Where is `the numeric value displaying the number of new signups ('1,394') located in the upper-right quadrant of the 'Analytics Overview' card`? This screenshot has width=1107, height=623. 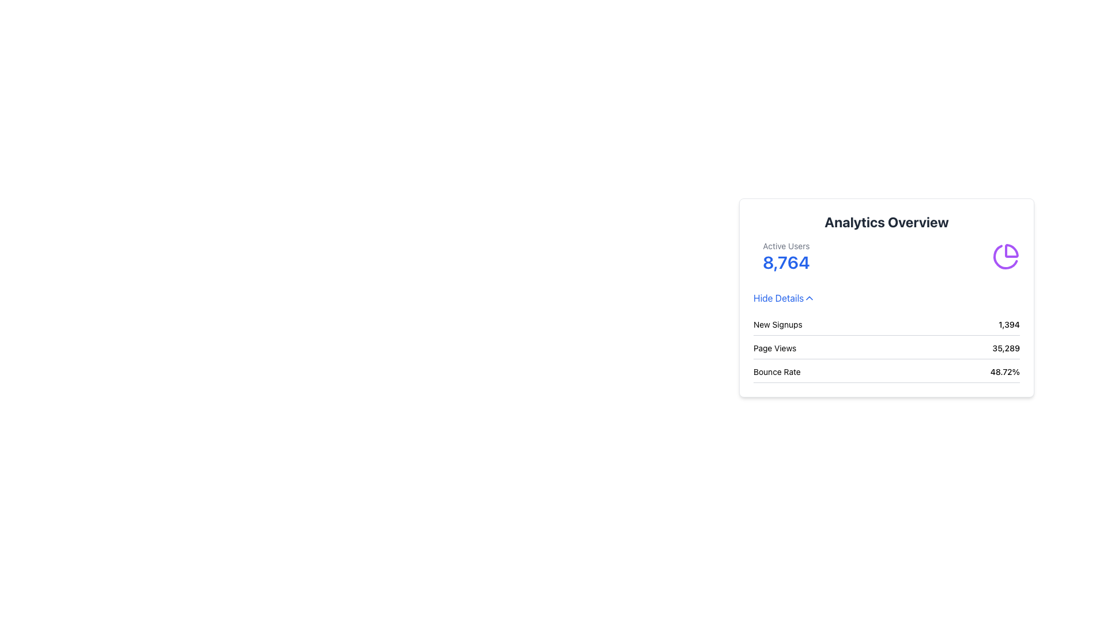
the numeric value displaying the number of new signups ('1,394') located in the upper-right quadrant of the 'Analytics Overview' card is located at coordinates (1008, 325).